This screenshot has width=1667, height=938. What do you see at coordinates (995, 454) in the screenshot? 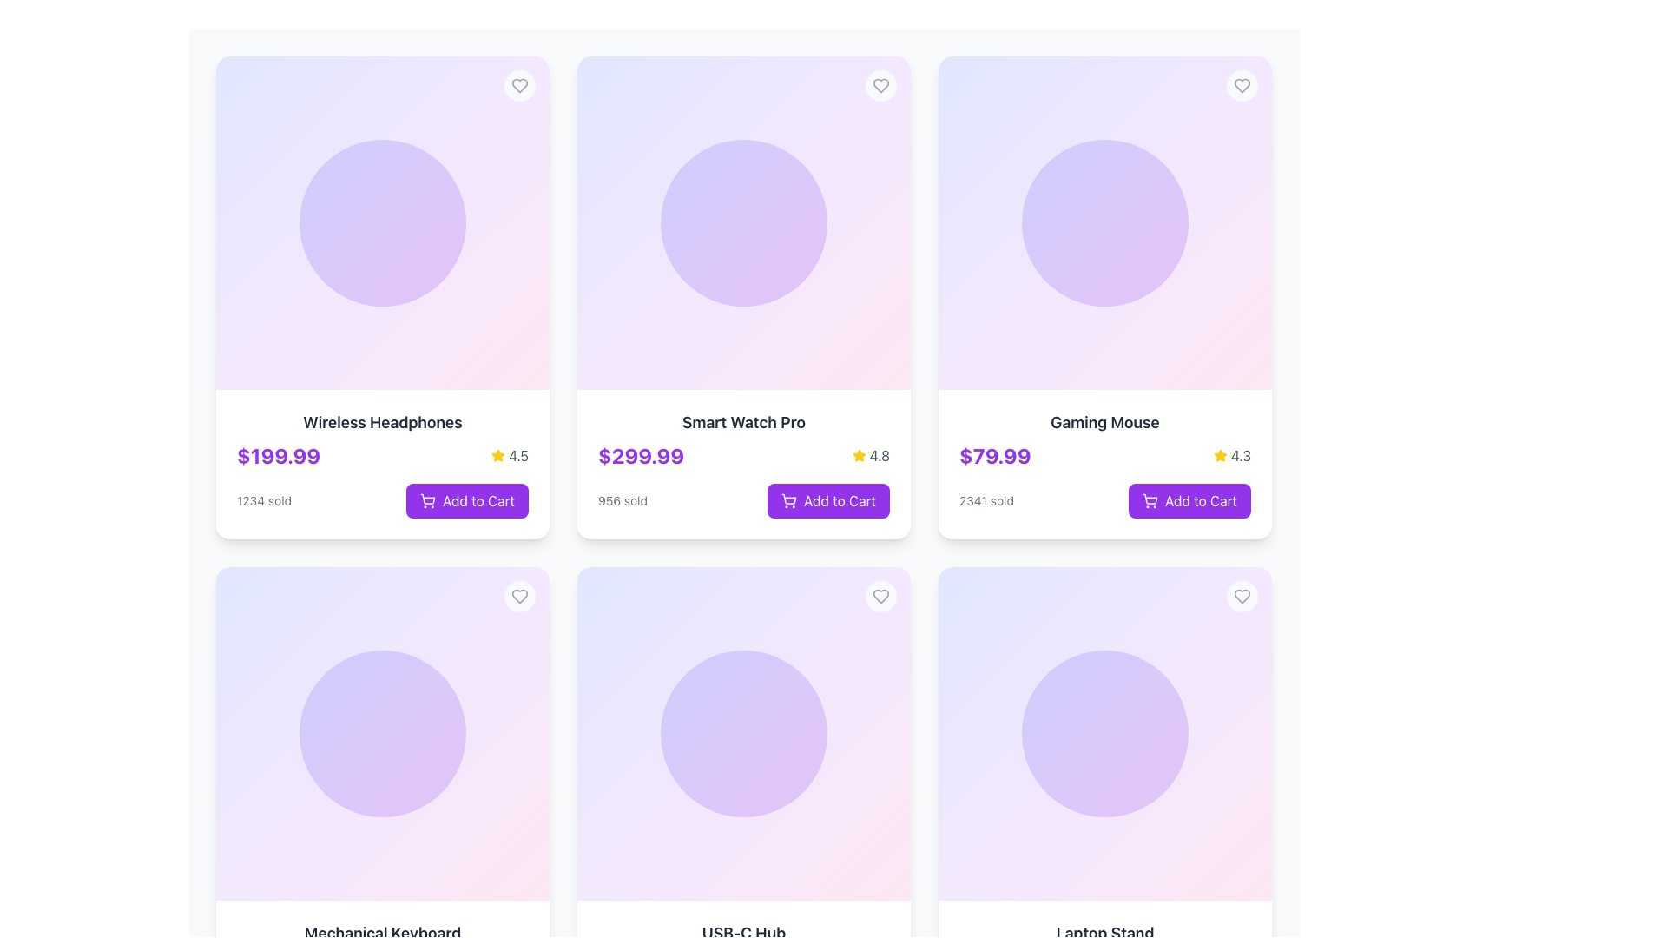
I see `the price value displayed in the bold, large purple text '$79.99' located at the bottom middle section of the product card for 'Gaming Mouse'` at bounding box center [995, 454].